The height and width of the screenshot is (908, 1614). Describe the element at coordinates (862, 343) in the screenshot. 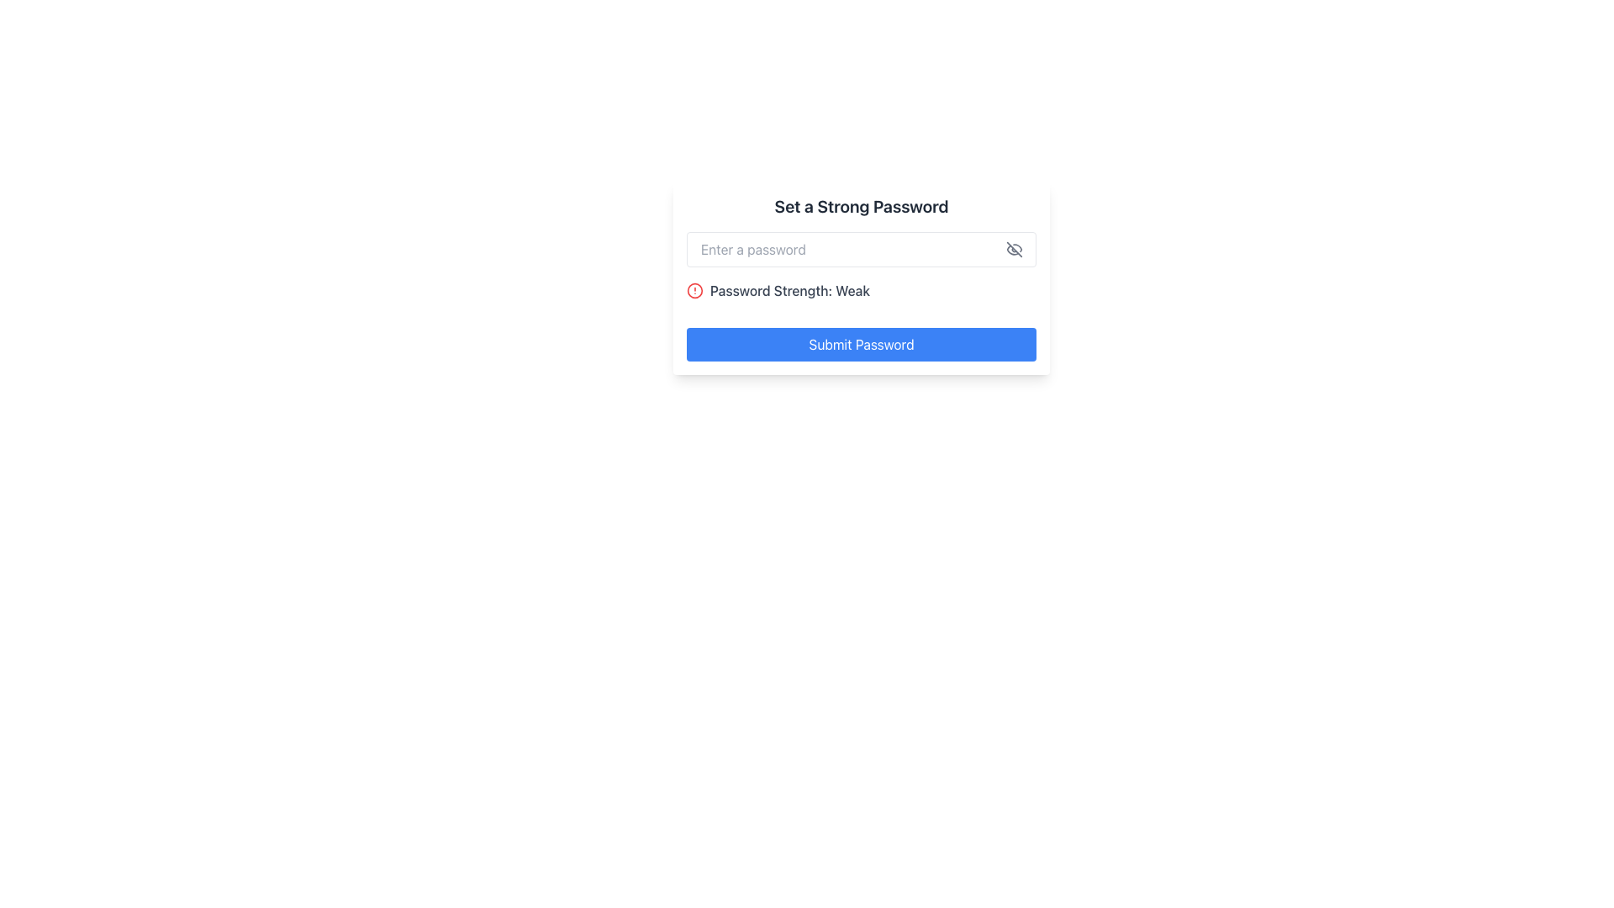

I see `the 'Submit Password' button, which is a vibrant blue rectangular button with rounded corners located at the bottom of the 'Set a Strong Password' dialog box` at that location.